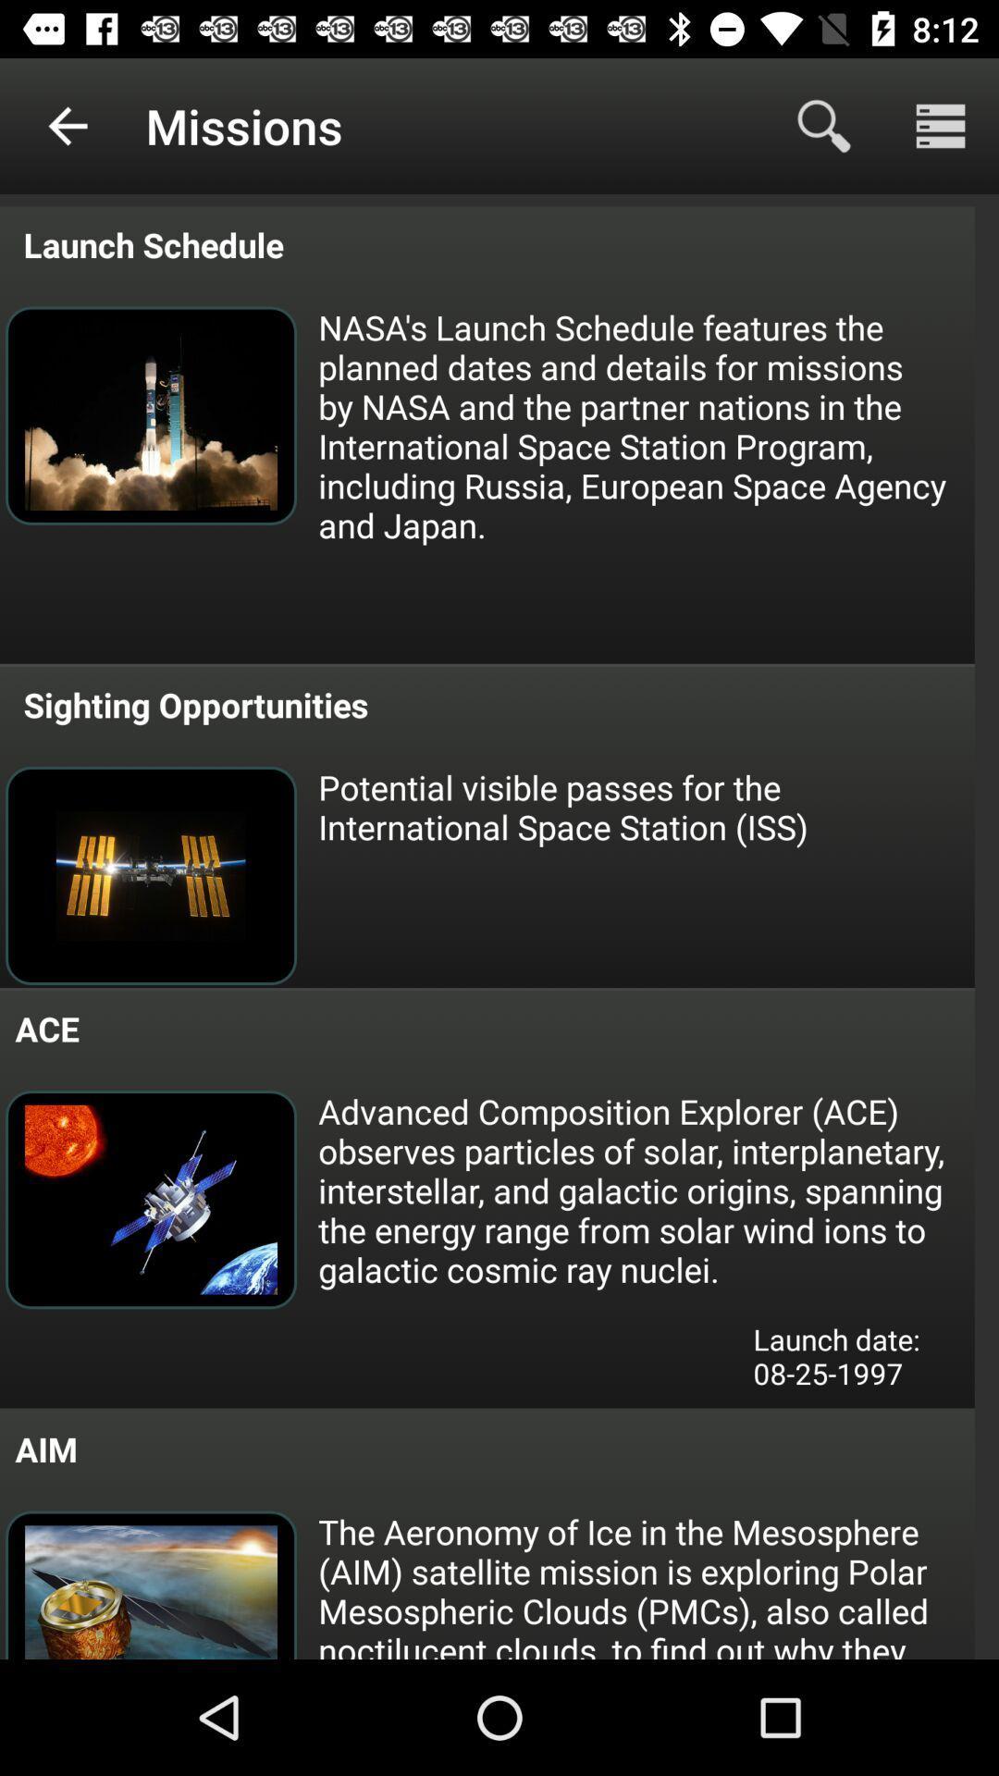 The image size is (999, 1776). Describe the element at coordinates (850, 1363) in the screenshot. I see `item below the advanced composition explorer item` at that location.